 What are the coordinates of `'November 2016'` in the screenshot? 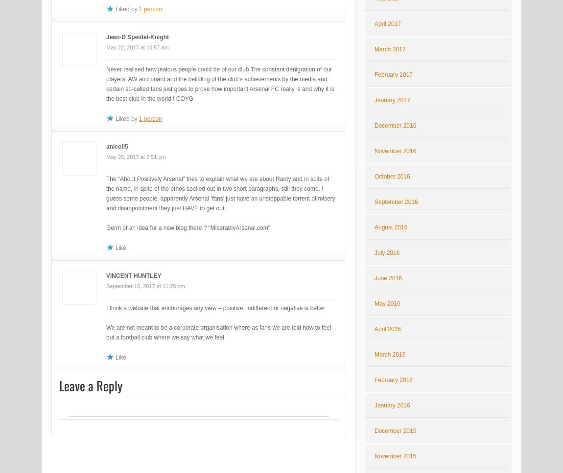 It's located at (395, 151).